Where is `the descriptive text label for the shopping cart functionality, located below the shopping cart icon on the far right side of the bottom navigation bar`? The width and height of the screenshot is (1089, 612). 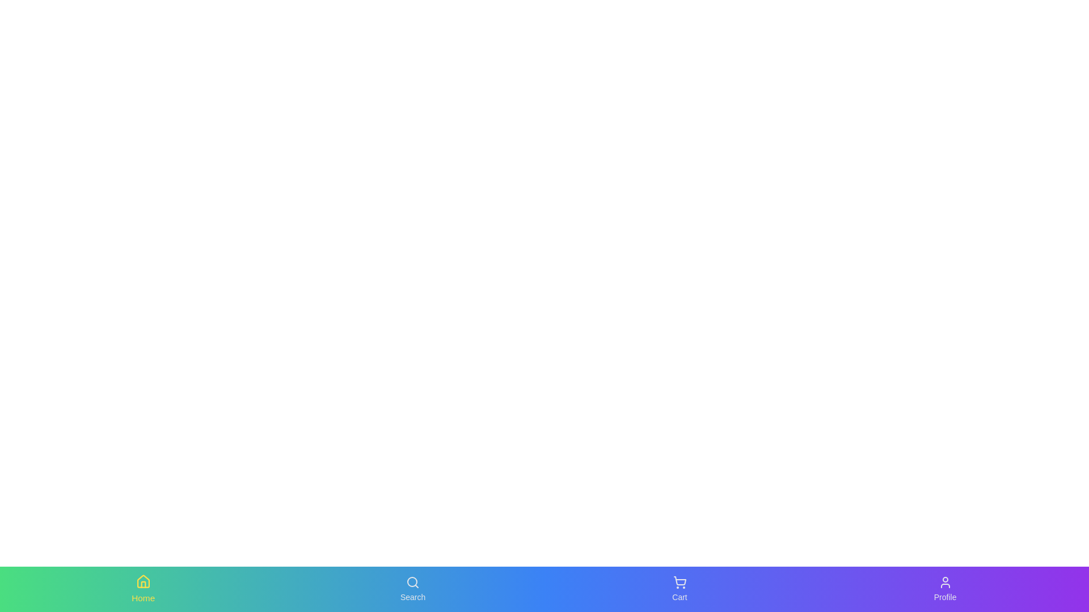
the descriptive text label for the shopping cart functionality, located below the shopping cart icon on the far right side of the bottom navigation bar is located at coordinates (679, 596).